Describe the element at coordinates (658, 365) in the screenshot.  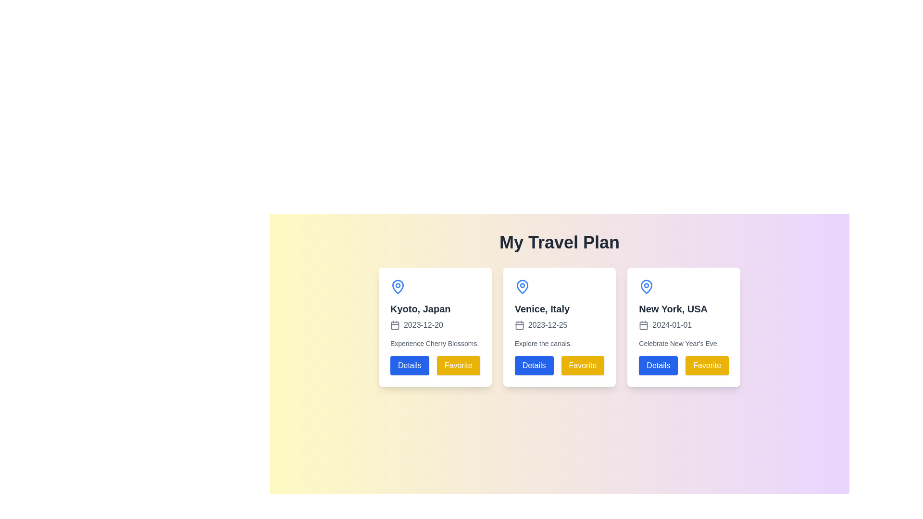
I see `the 'Details' button located in the bottom section of the card for 'New York, USA'` at that location.